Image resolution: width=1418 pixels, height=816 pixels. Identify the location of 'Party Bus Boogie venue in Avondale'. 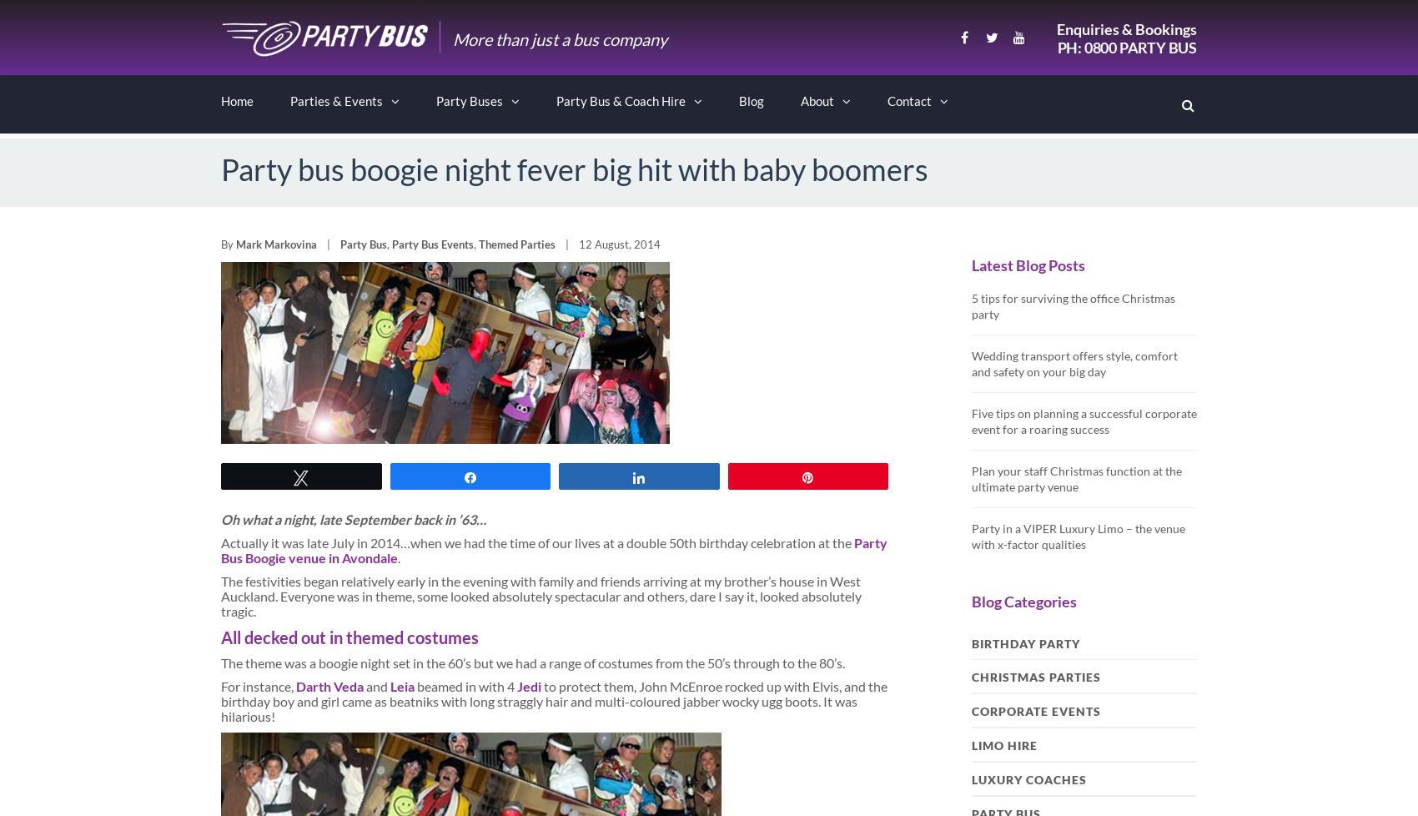
(554, 550).